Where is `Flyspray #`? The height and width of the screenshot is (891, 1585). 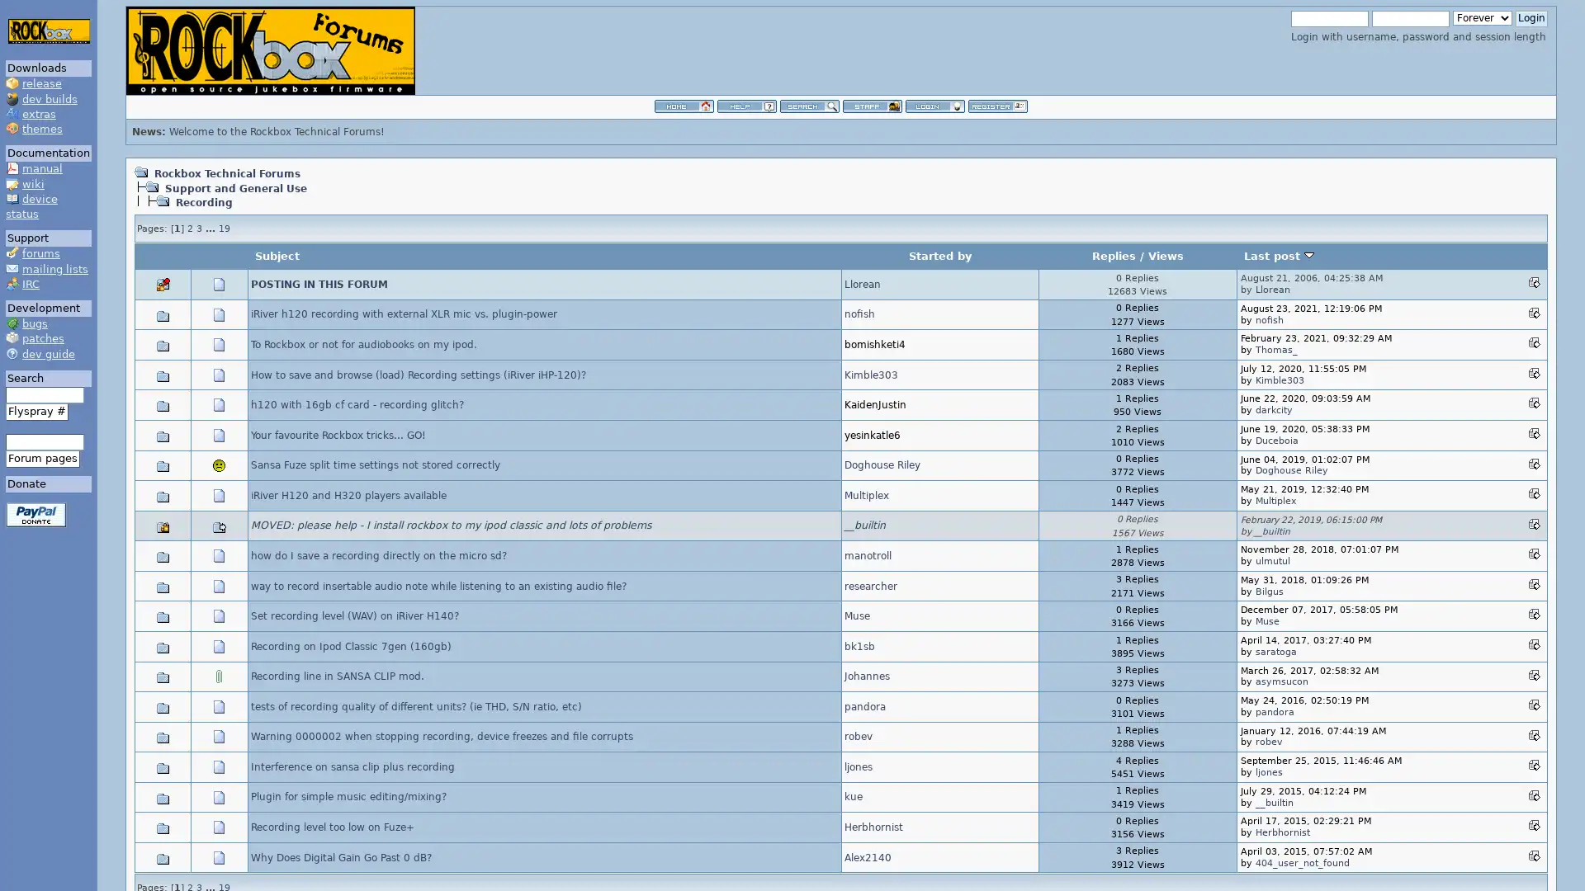
Flyspray # is located at coordinates (36, 410).